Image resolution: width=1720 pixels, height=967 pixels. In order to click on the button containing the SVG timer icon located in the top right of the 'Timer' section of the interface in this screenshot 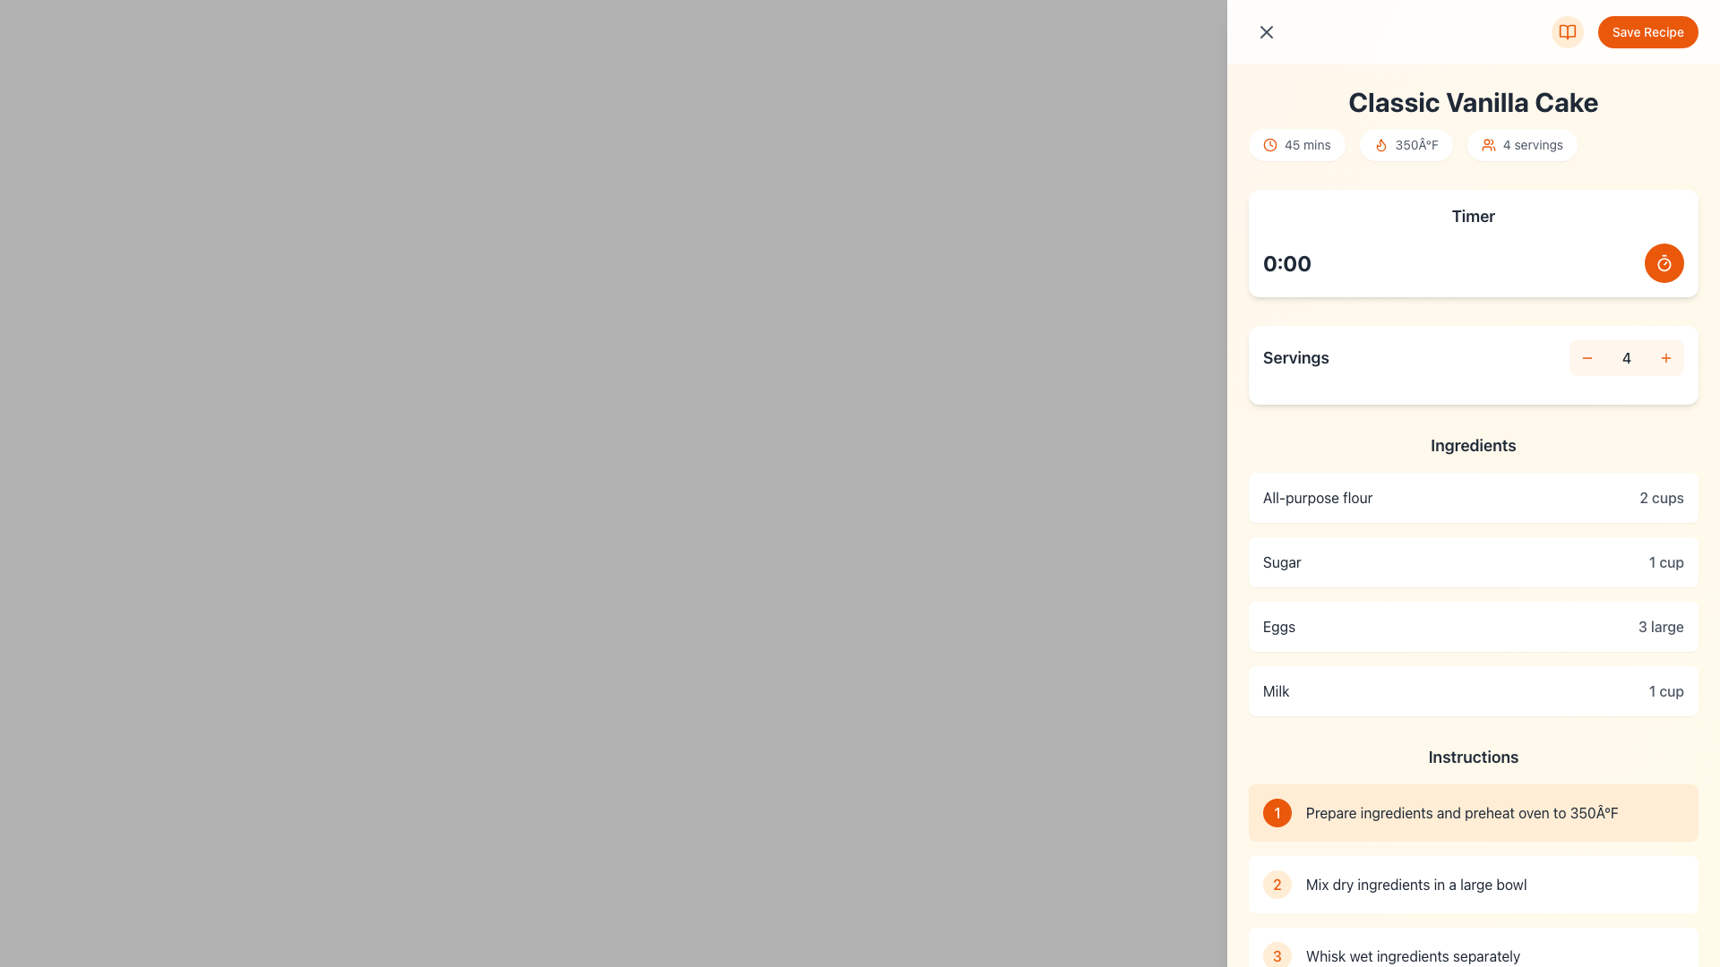, I will do `click(1663, 262)`.